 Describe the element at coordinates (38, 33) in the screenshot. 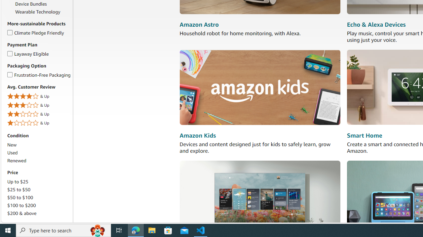

I see `'Climate Pledge FriendlyClimate Pledge Friendly'` at that location.